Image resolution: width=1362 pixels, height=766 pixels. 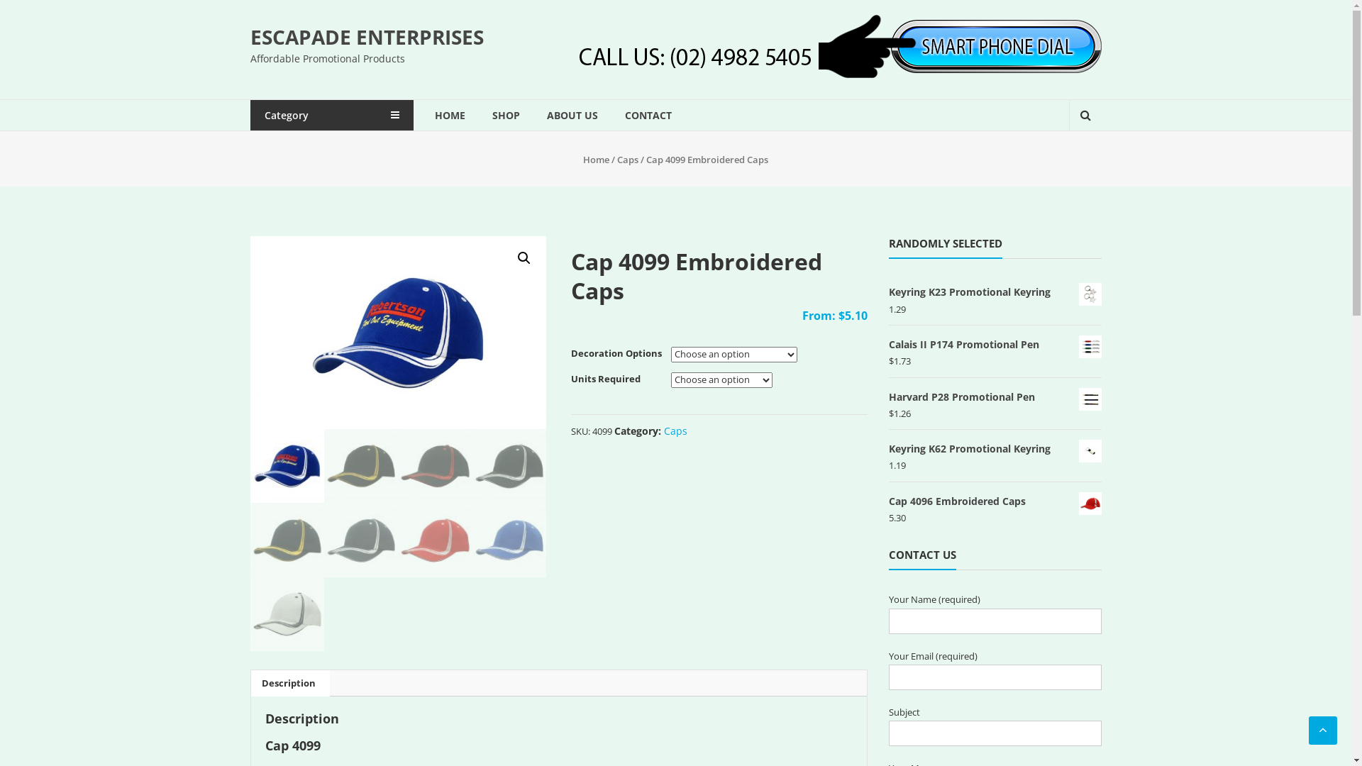 What do you see at coordinates (448, 114) in the screenshot?
I see `'HOME'` at bounding box center [448, 114].